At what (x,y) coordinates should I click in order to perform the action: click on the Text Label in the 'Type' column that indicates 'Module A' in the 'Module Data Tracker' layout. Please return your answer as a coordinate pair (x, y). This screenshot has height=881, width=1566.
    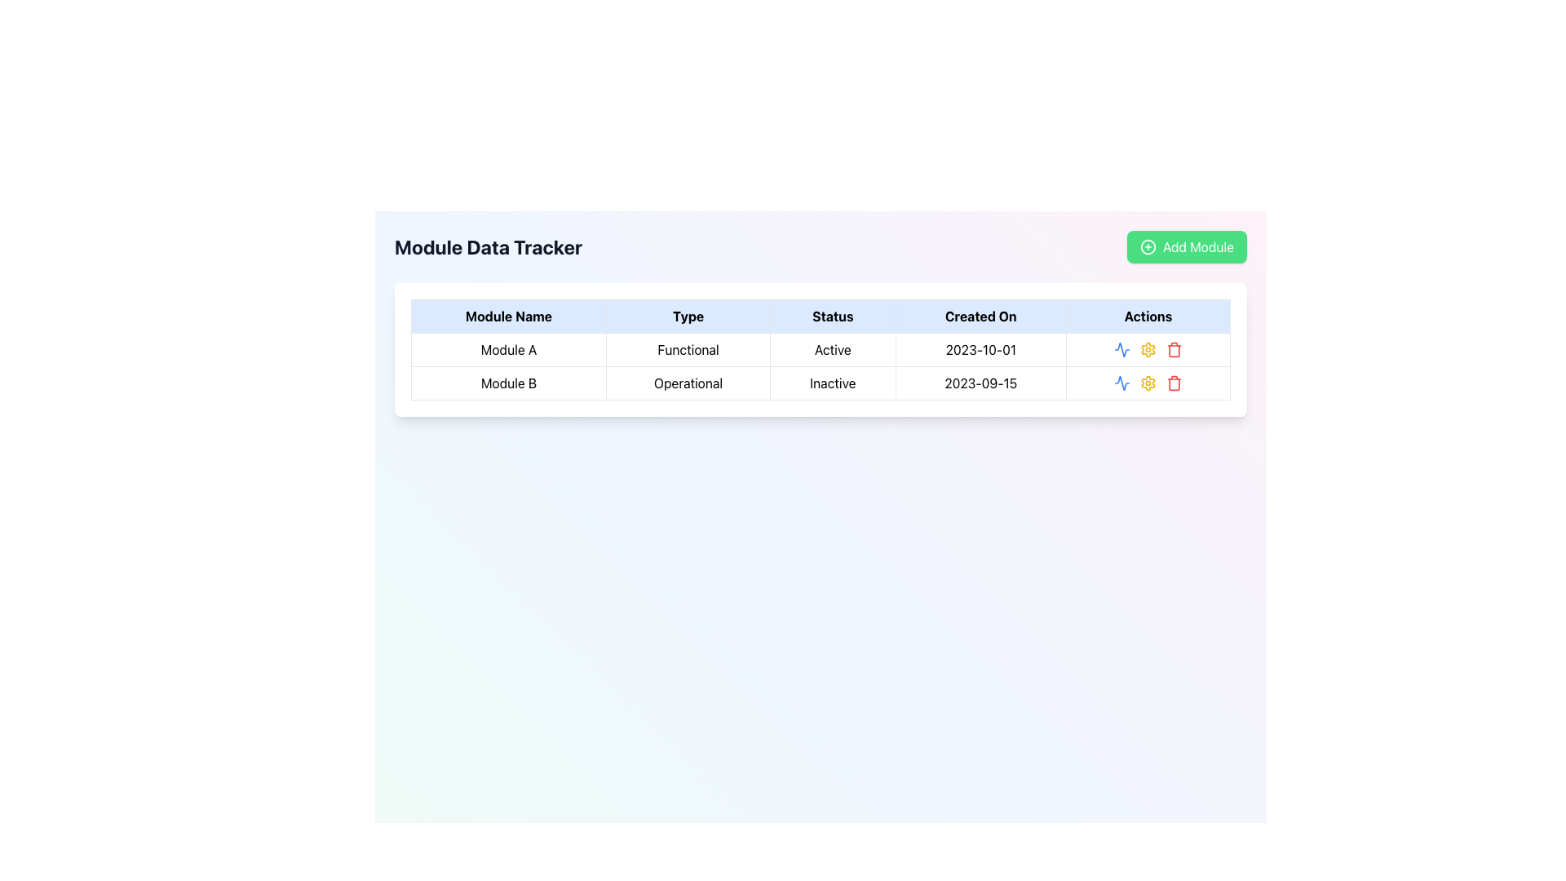
    Looking at the image, I should click on (688, 348).